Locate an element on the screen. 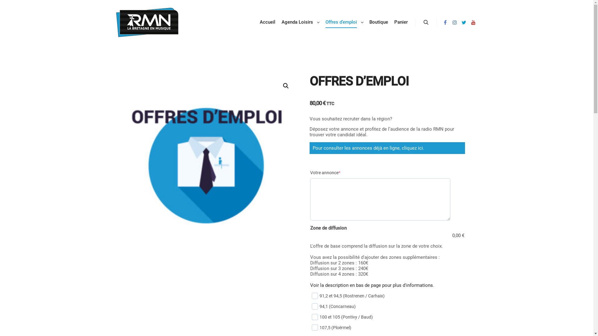 This screenshot has width=598, height=336. 'Boutique' is located at coordinates (378, 22).